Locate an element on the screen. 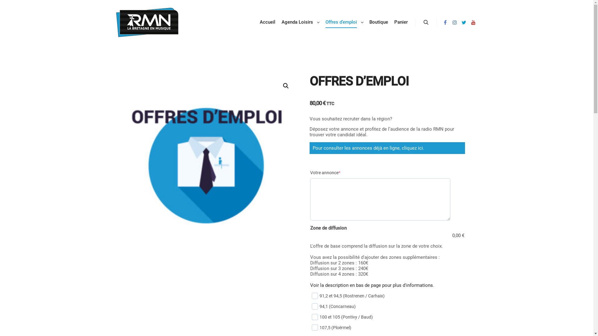 This screenshot has width=598, height=336. 'Boutique' is located at coordinates (378, 22).